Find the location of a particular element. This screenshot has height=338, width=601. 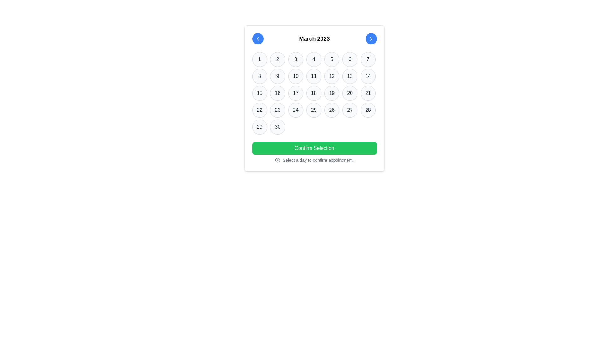

the confirmation button located at the bottom center of the calendar panel to finalize the selection is located at coordinates (314, 148).